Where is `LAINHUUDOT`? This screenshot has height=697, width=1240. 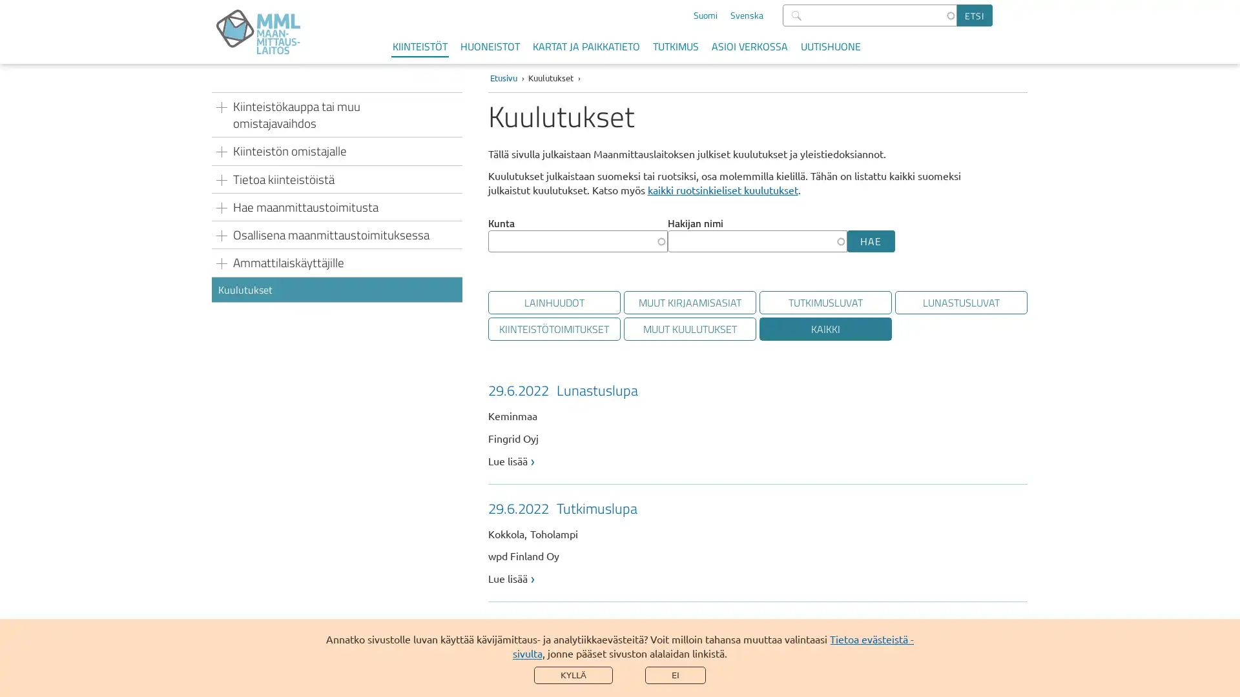 LAINHUUDOT is located at coordinates (553, 303).